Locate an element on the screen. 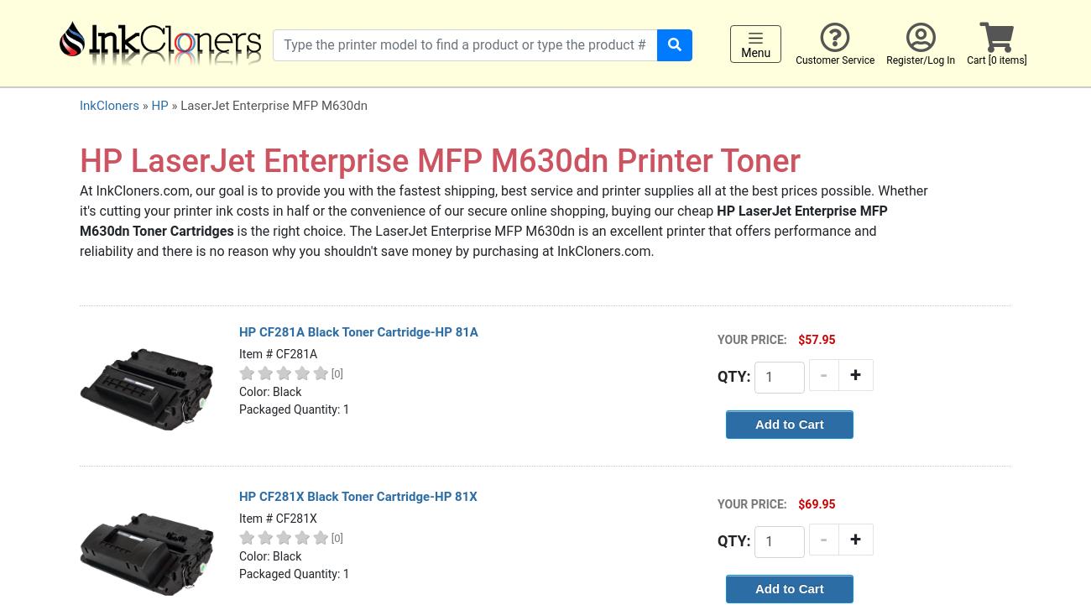  'InkCloners' is located at coordinates (80, 106).